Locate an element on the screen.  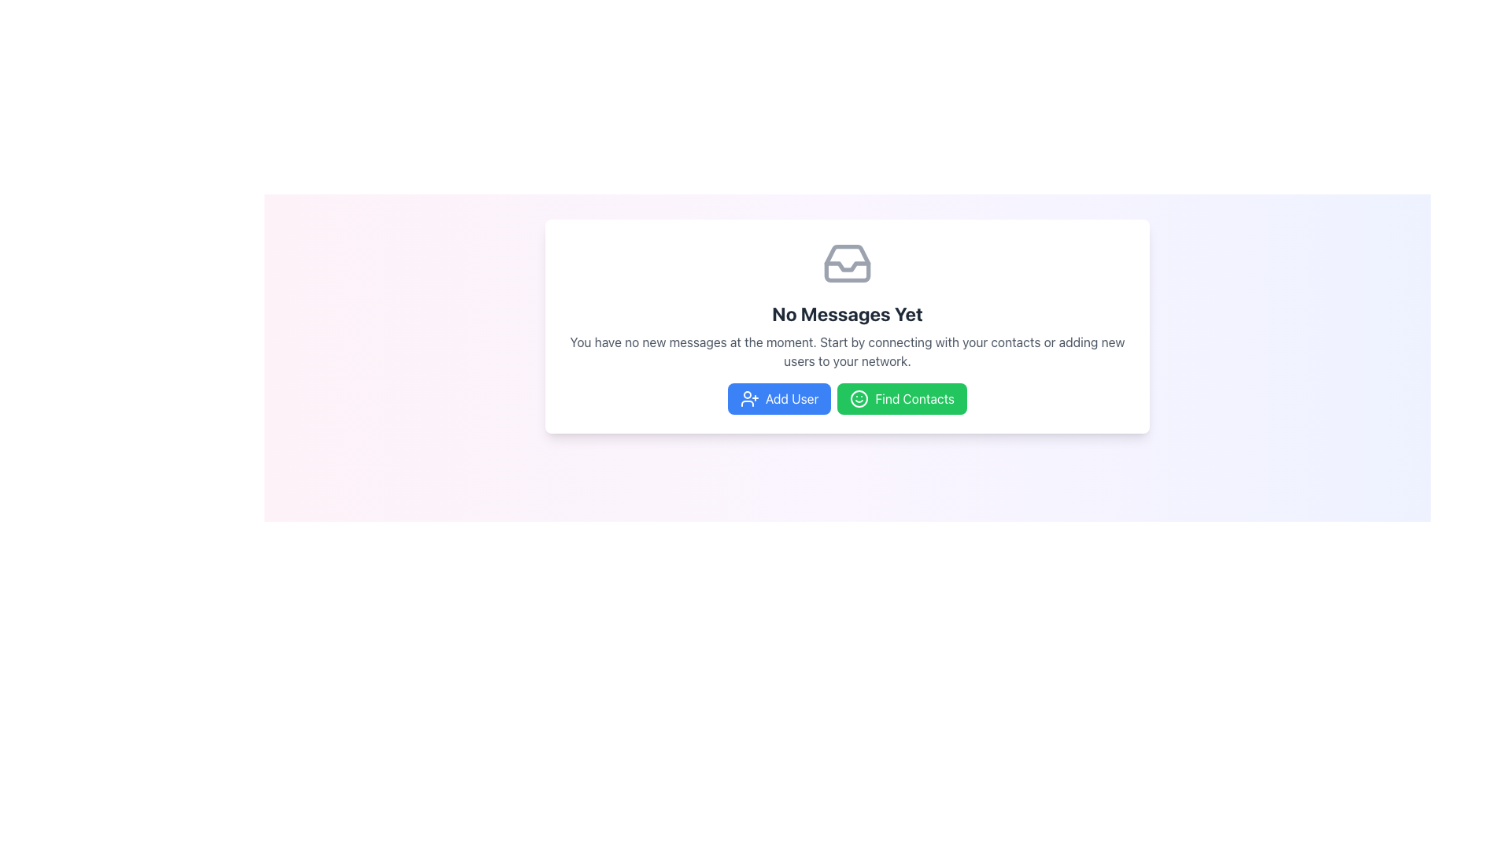
the 'Add User' button, which includes the vector graphic icon indicating the addition of a user, located centered horizontally within the blue button to the left of the 'Find Contacts' button is located at coordinates (748, 397).